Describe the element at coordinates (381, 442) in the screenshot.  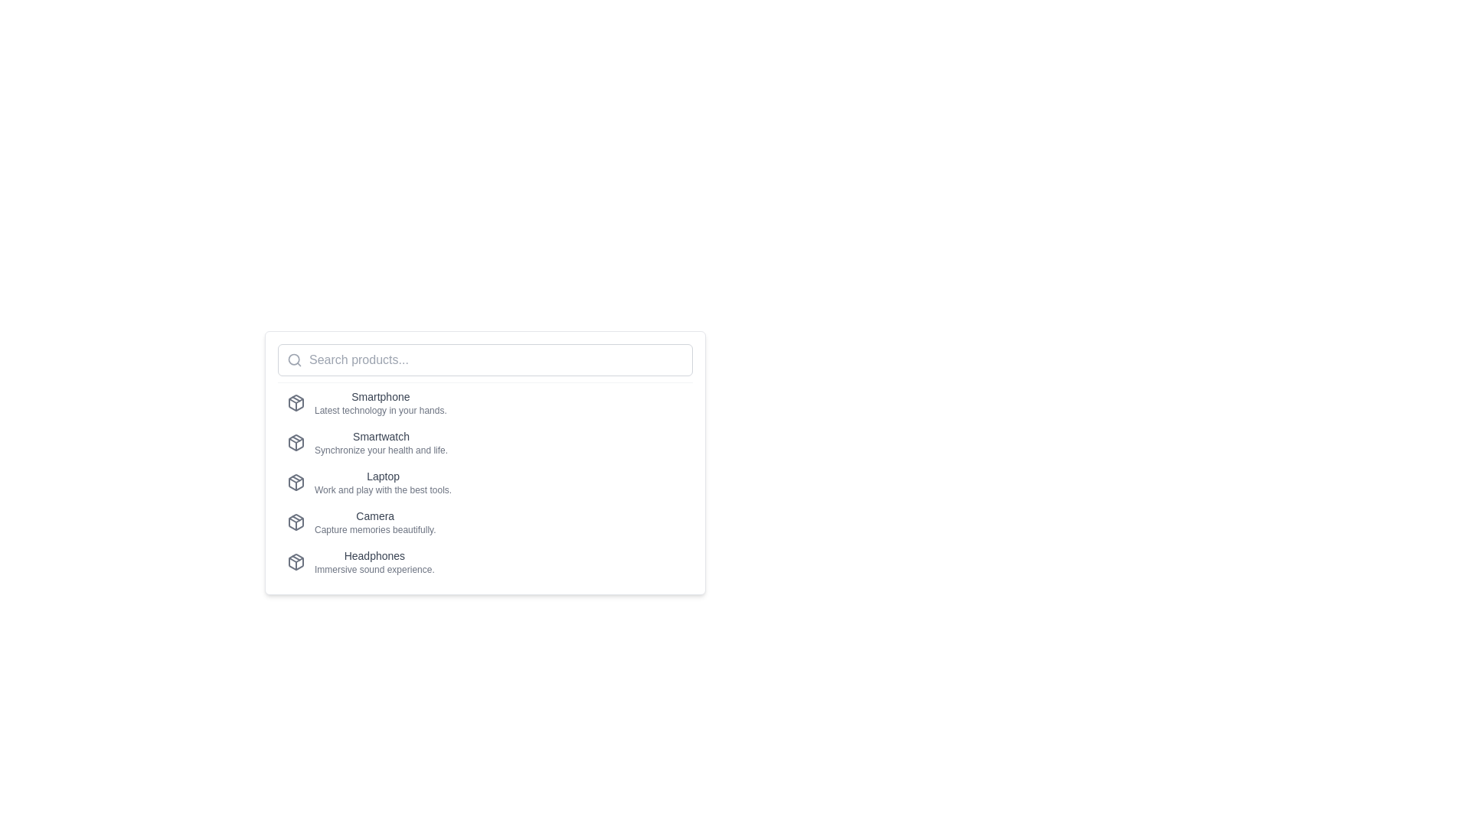
I see `the Text description block related to 'Smartwatch' which is positioned in the second row of the list with an icon on its left side` at that location.